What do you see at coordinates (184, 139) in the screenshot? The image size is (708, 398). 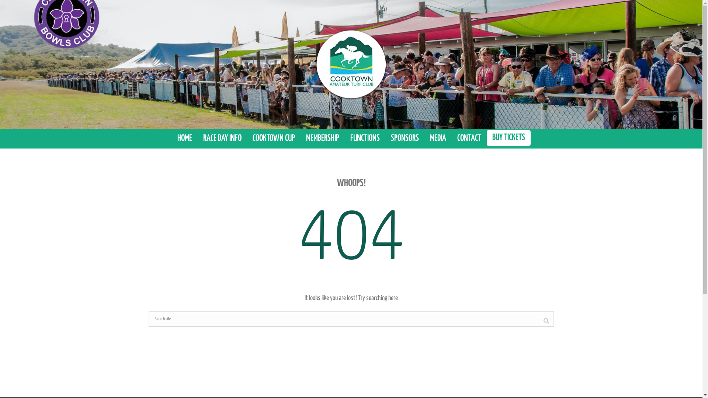 I see `'HOME'` at bounding box center [184, 139].